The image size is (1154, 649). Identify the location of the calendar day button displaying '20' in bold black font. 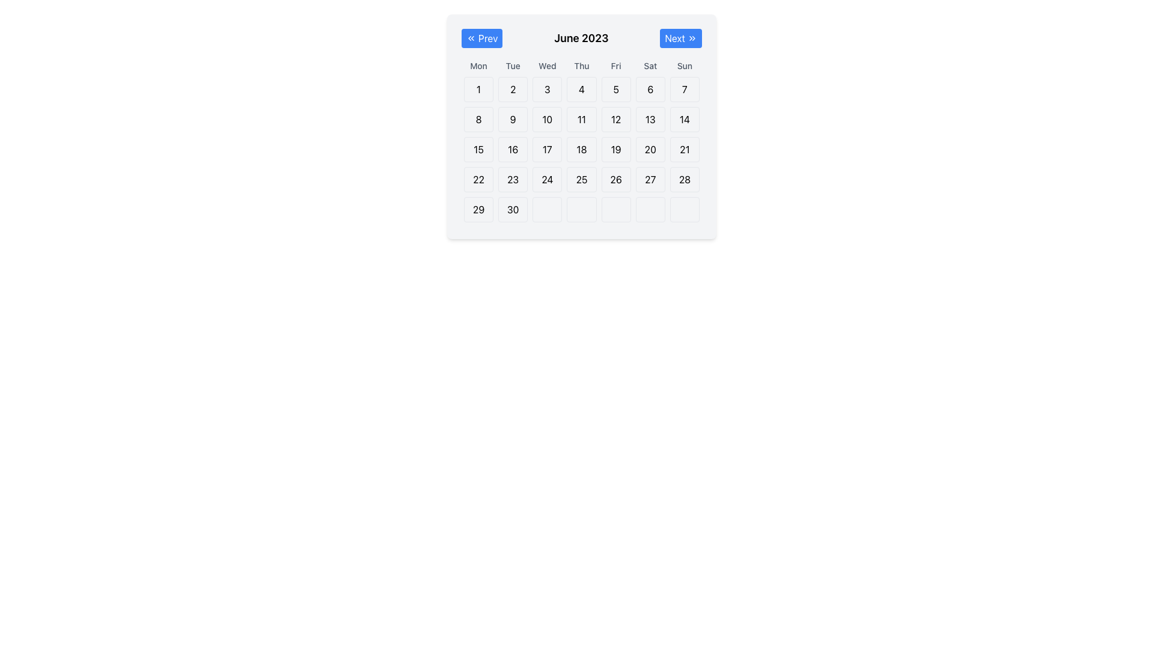
(650, 149).